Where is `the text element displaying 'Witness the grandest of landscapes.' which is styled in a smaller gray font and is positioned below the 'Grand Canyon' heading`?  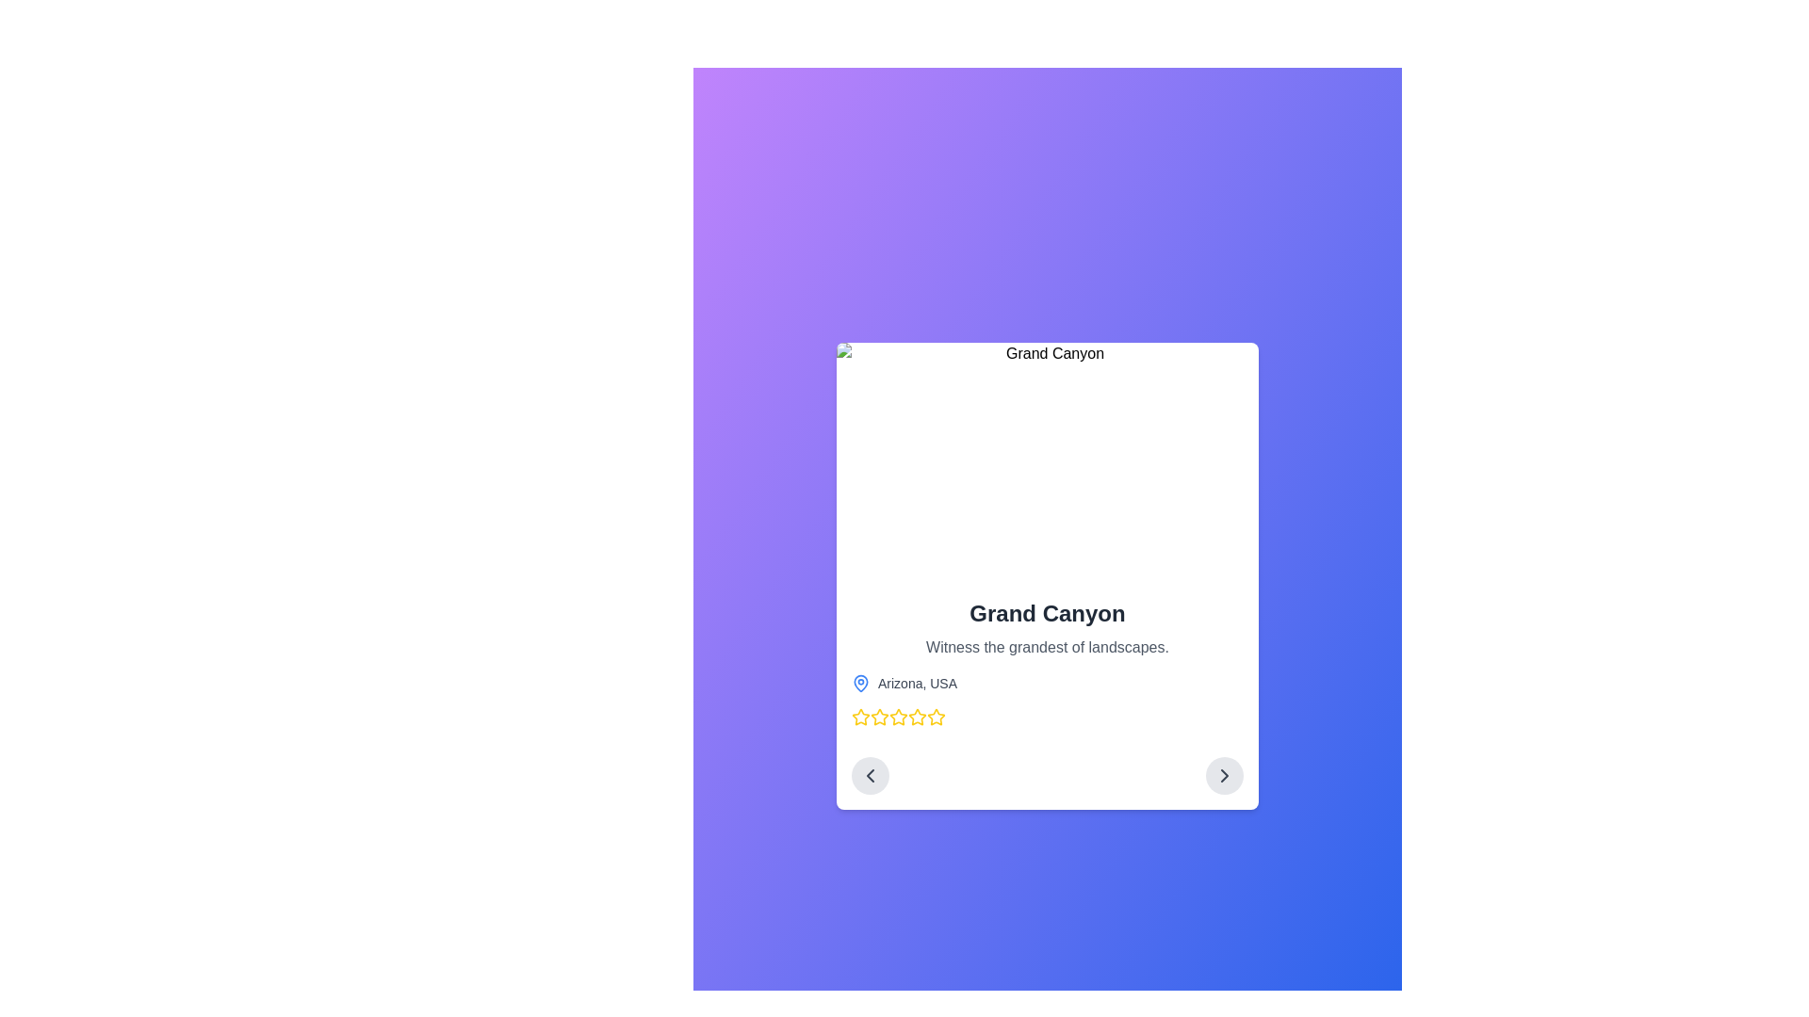
the text element displaying 'Witness the grandest of landscapes.' which is styled in a smaller gray font and is positioned below the 'Grand Canyon' heading is located at coordinates (1047, 646).